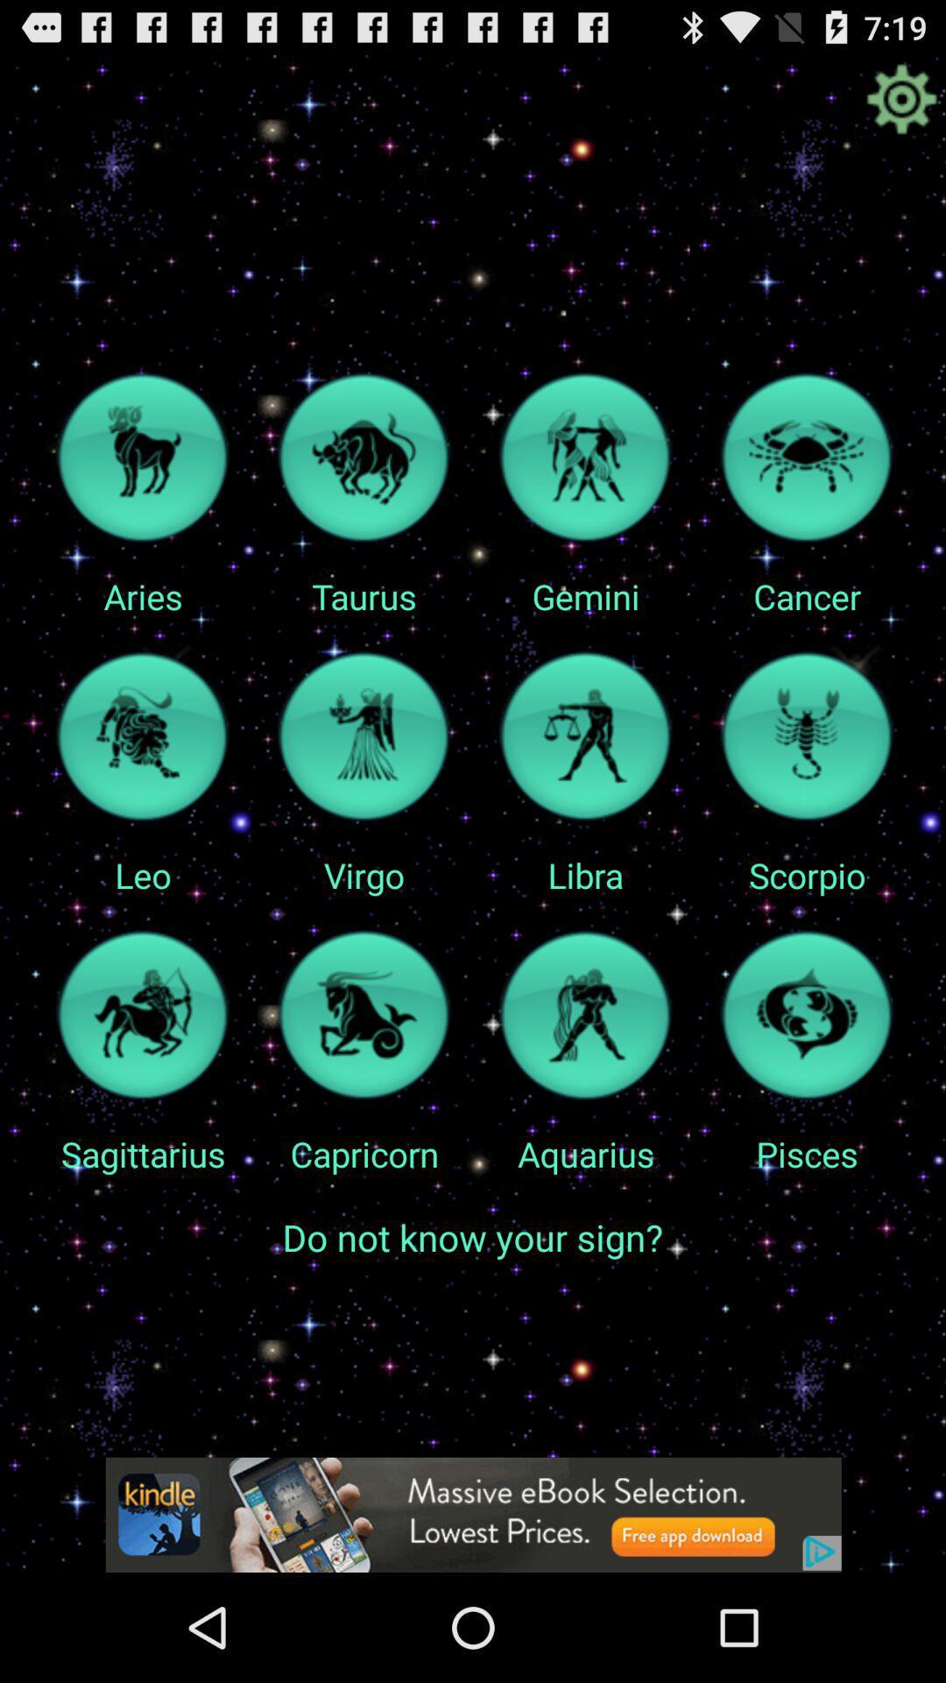 This screenshot has height=1683, width=946. What do you see at coordinates (473, 1514) in the screenshot?
I see `details about advertisement` at bounding box center [473, 1514].